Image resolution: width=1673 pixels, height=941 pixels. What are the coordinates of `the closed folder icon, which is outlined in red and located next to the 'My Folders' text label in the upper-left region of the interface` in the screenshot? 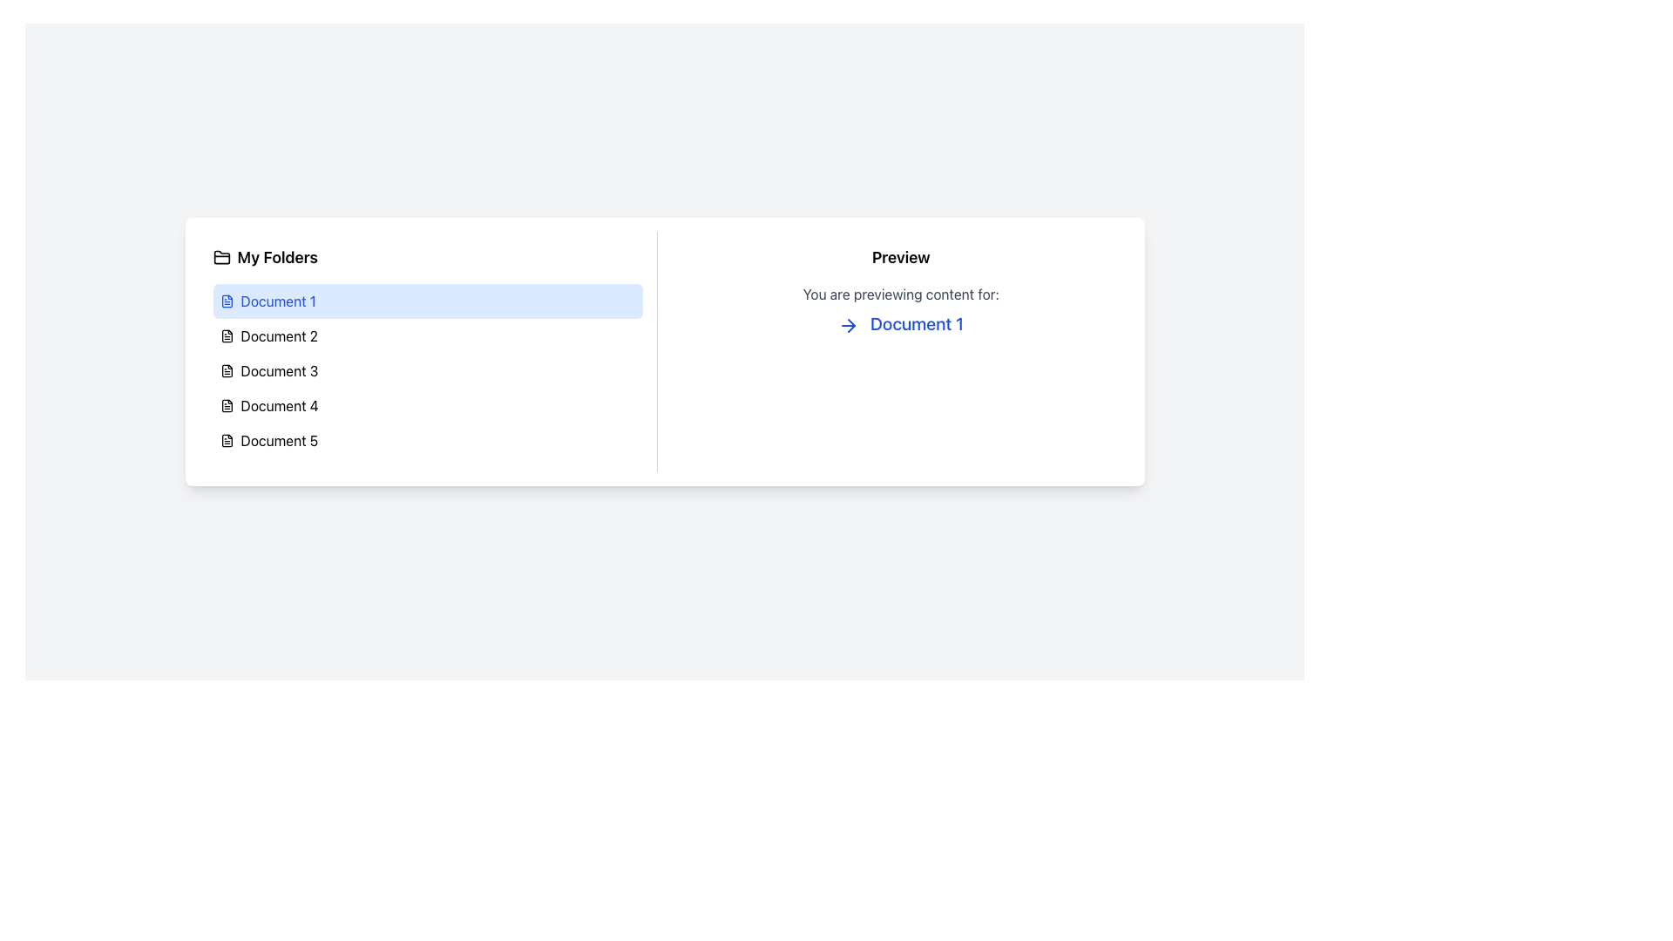 It's located at (220, 258).